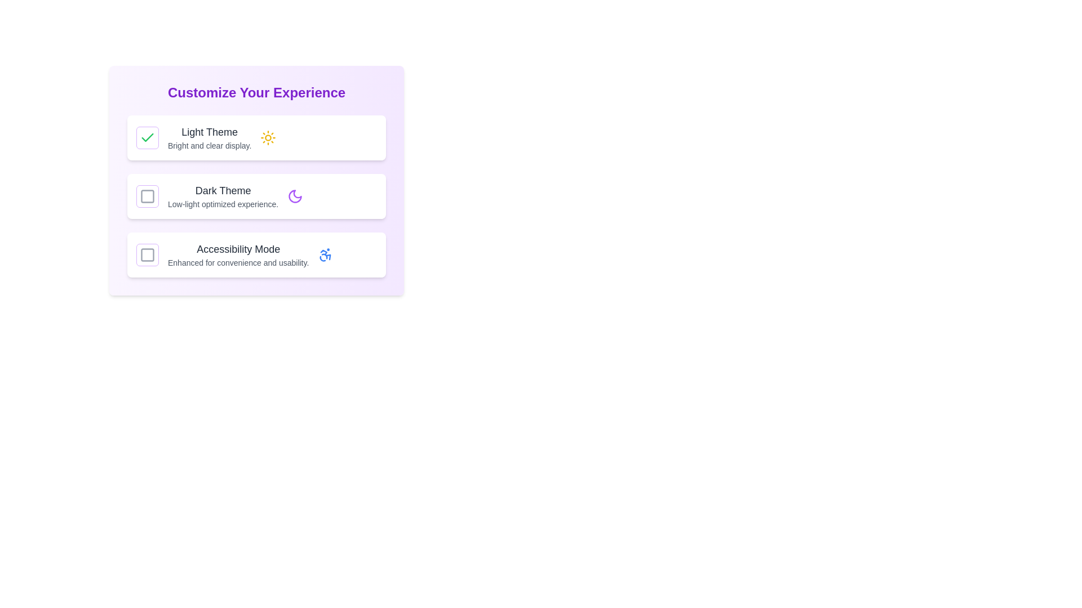  Describe the element at coordinates (210, 145) in the screenshot. I see `the static text label that provides descriptive information about the 'Light Theme' option, positioned directly beneath the 'Light Theme' heading` at that location.